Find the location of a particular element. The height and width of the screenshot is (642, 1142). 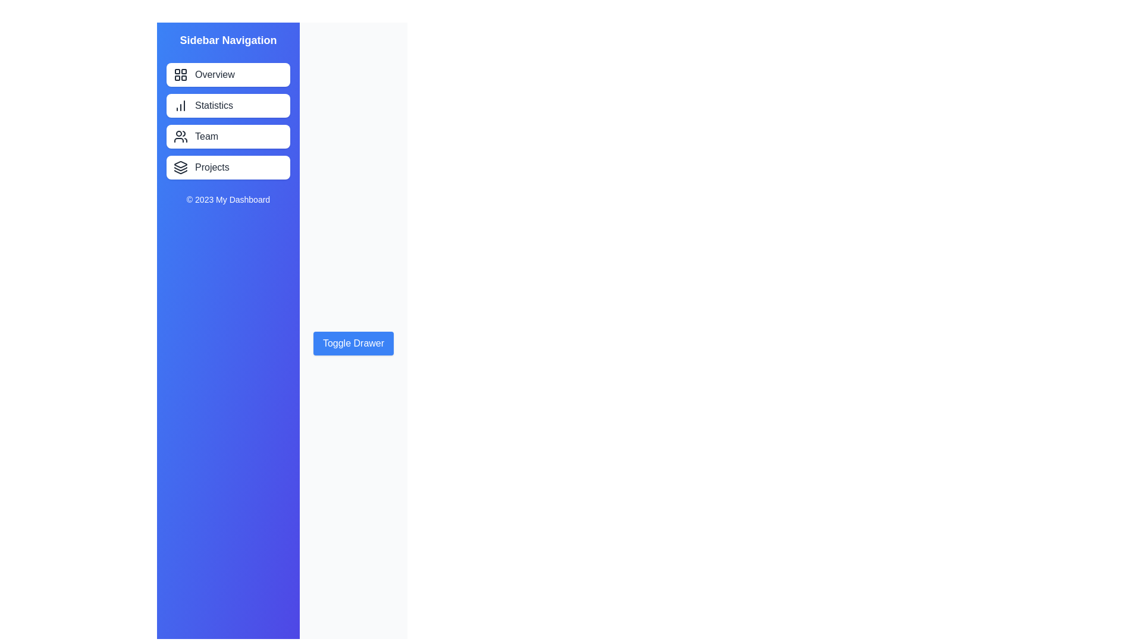

the sidebar menu item labeled Team is located at coordinates (228, 136).